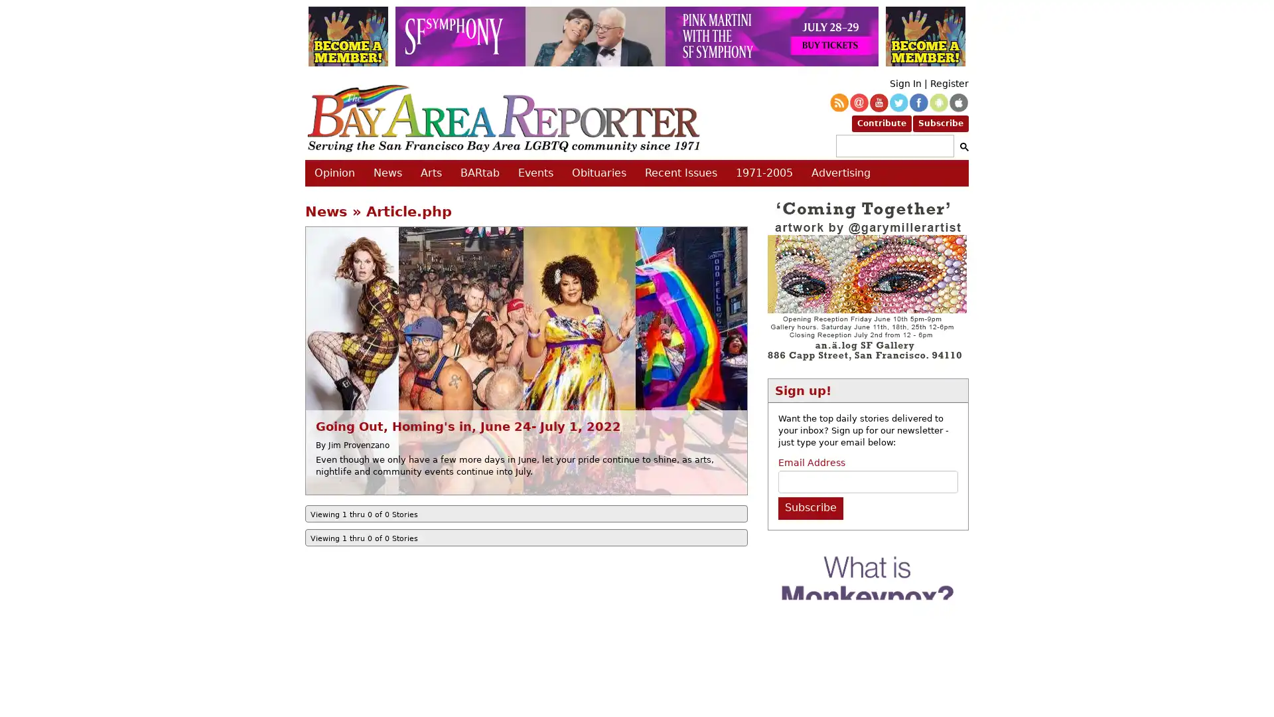 Image resolution: width=1274 pixels, height=717 pixels. Describe the element at coordinates (809, 507) in the screenshot. I see `Subscribe` at that location.